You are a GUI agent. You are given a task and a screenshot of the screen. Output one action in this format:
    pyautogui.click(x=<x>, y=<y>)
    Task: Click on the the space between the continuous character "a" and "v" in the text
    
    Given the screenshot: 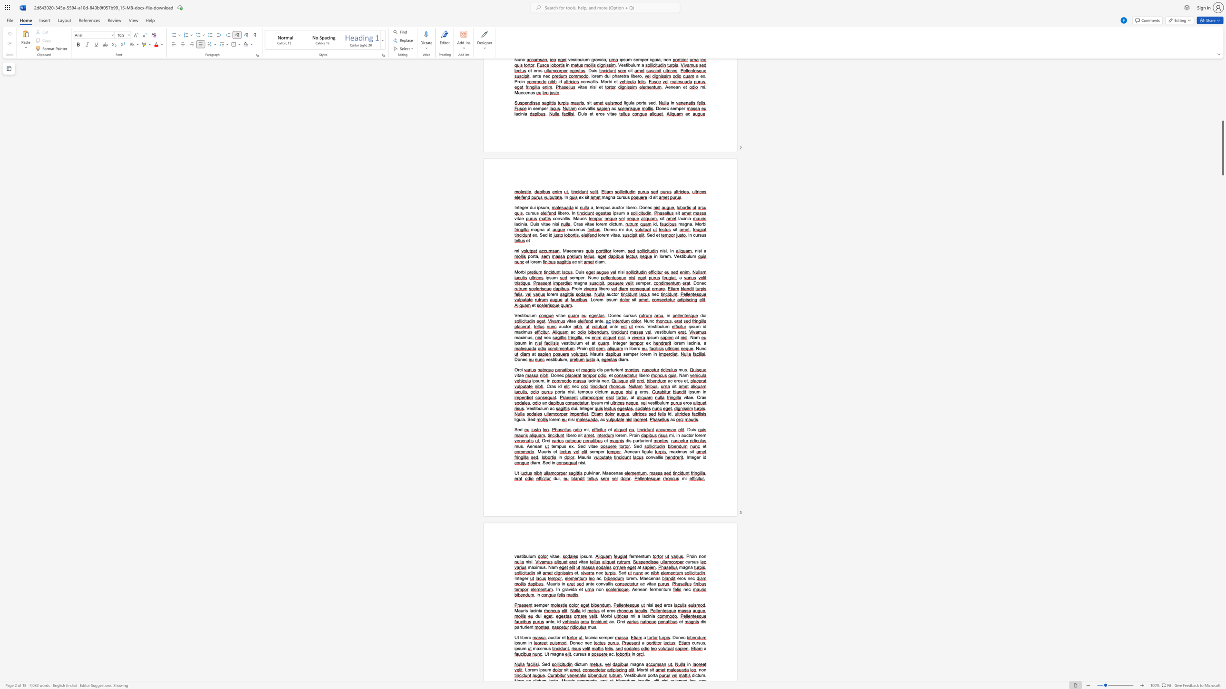 What is the action you would take?
    pyautogui.click(x=568, y=589)
    